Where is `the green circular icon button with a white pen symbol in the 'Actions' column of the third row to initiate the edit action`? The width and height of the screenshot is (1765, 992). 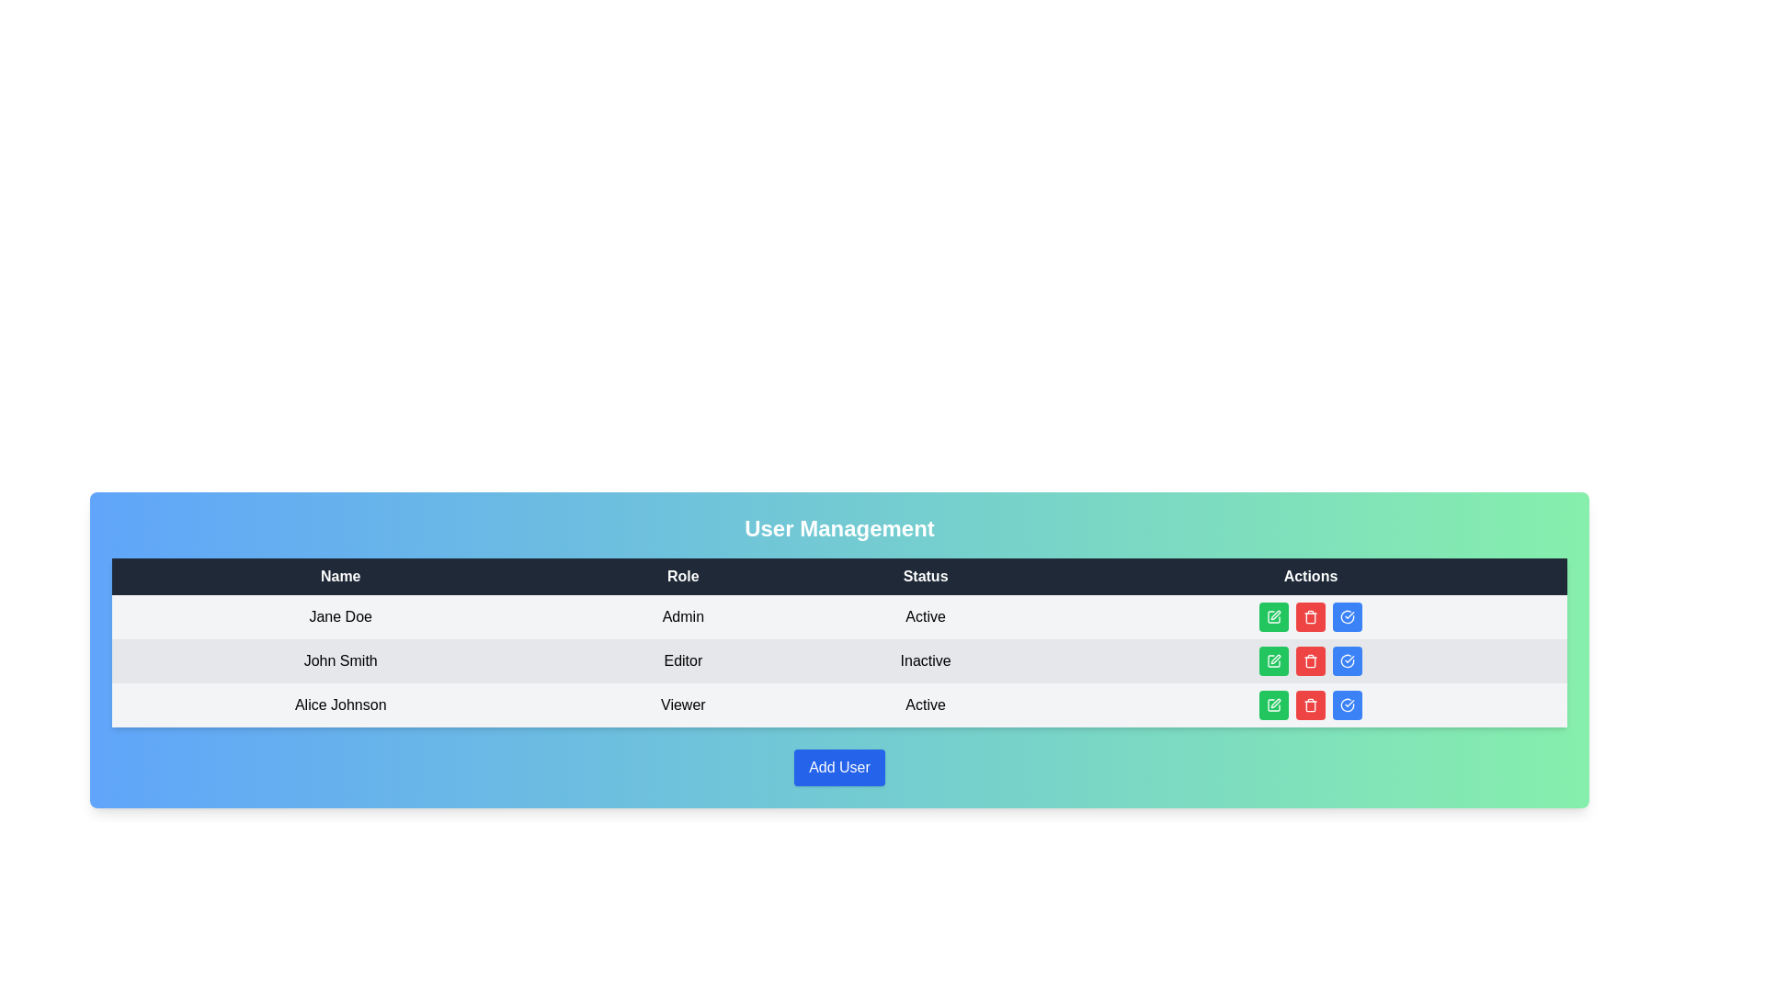
the green circular icon button with a white pen symbol in the 'Actions' column of the third row to initiate the edit action is located at coordinates (1273, 704).